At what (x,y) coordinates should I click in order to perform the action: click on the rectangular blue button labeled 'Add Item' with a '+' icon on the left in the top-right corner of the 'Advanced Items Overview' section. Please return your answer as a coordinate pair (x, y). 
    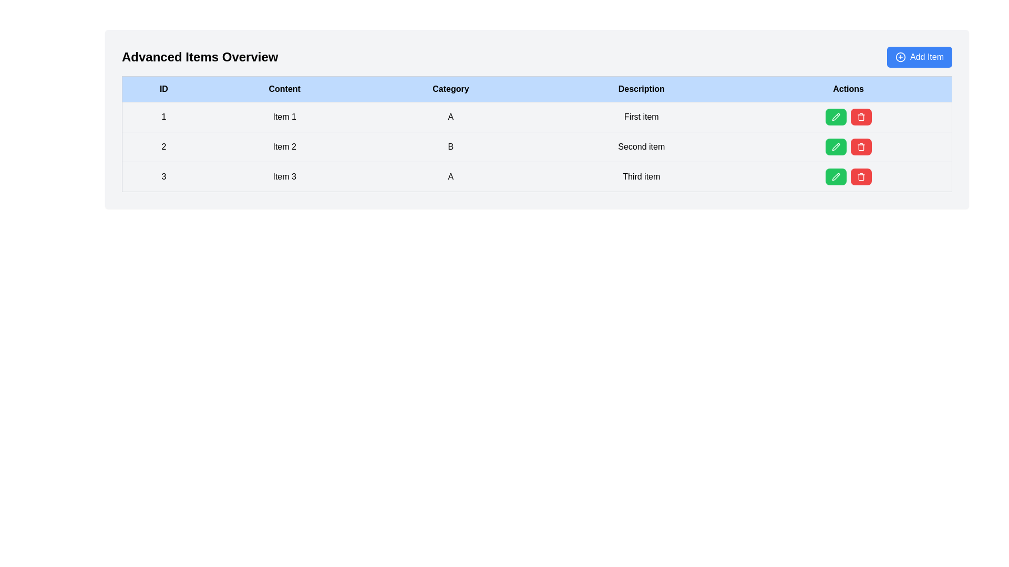
    Looking at the image, I should click on (919, 57).